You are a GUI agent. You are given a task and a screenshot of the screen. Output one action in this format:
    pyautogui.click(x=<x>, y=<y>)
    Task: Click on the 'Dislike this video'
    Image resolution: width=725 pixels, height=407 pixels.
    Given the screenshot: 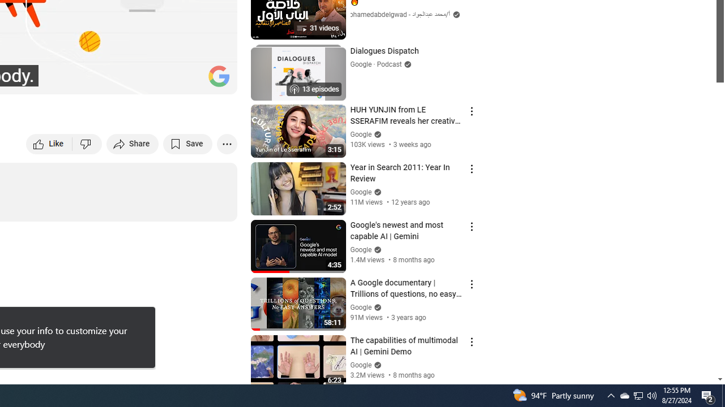 What is the action you would take?
    pyautogui.click(x=87, y=143)
    